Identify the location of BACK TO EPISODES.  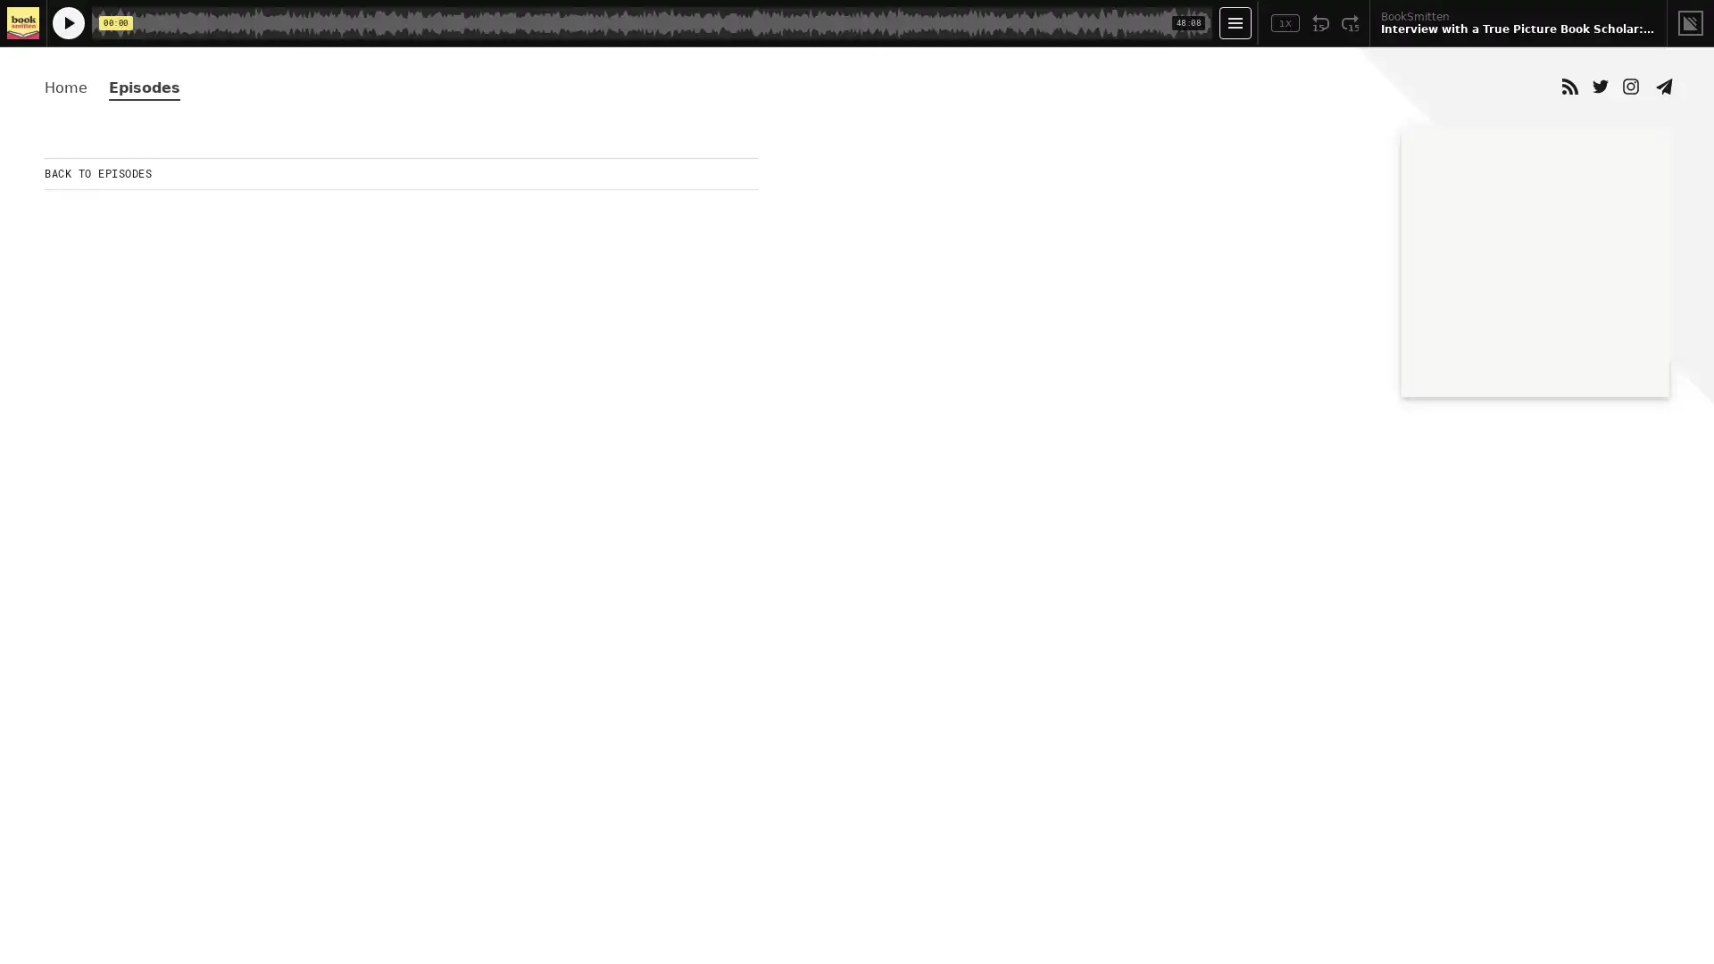
(401, 174).